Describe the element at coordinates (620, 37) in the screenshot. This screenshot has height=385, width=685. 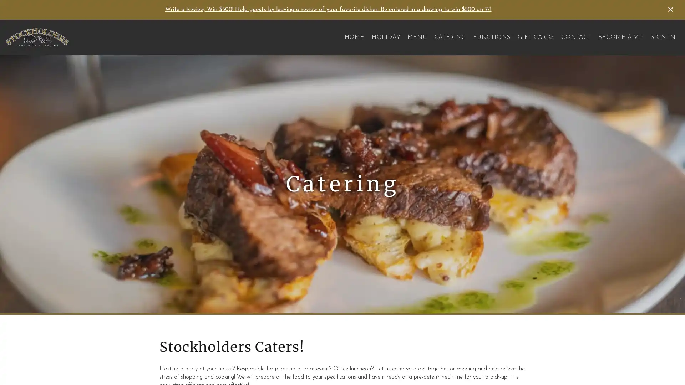
I see `BECOME A VIP` at that location.